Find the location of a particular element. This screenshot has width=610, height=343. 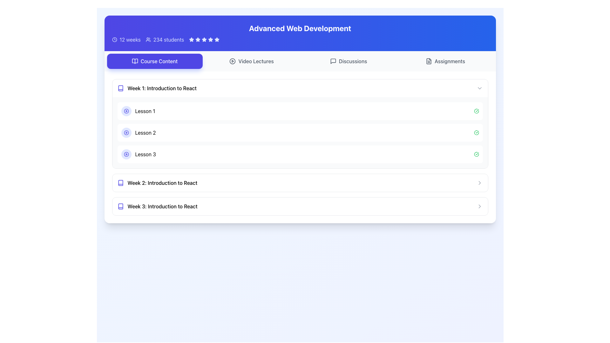

the icon representing the completion status of the associated lesson located at the right end of the bar containing the 'Lesson 3' label is located at coordinates (476, 154).